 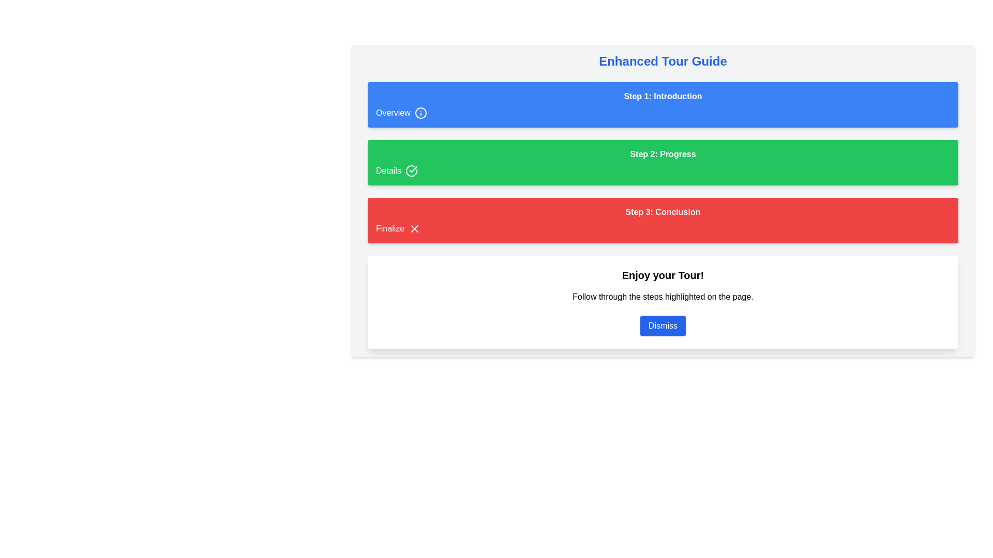 What do you see at coordinates (420, 113) in the screenshot?
I see `the informational icon located in the top left corner of the 'Overview' section, which provides additional details when interacted with` at bounding box center [420, 113].